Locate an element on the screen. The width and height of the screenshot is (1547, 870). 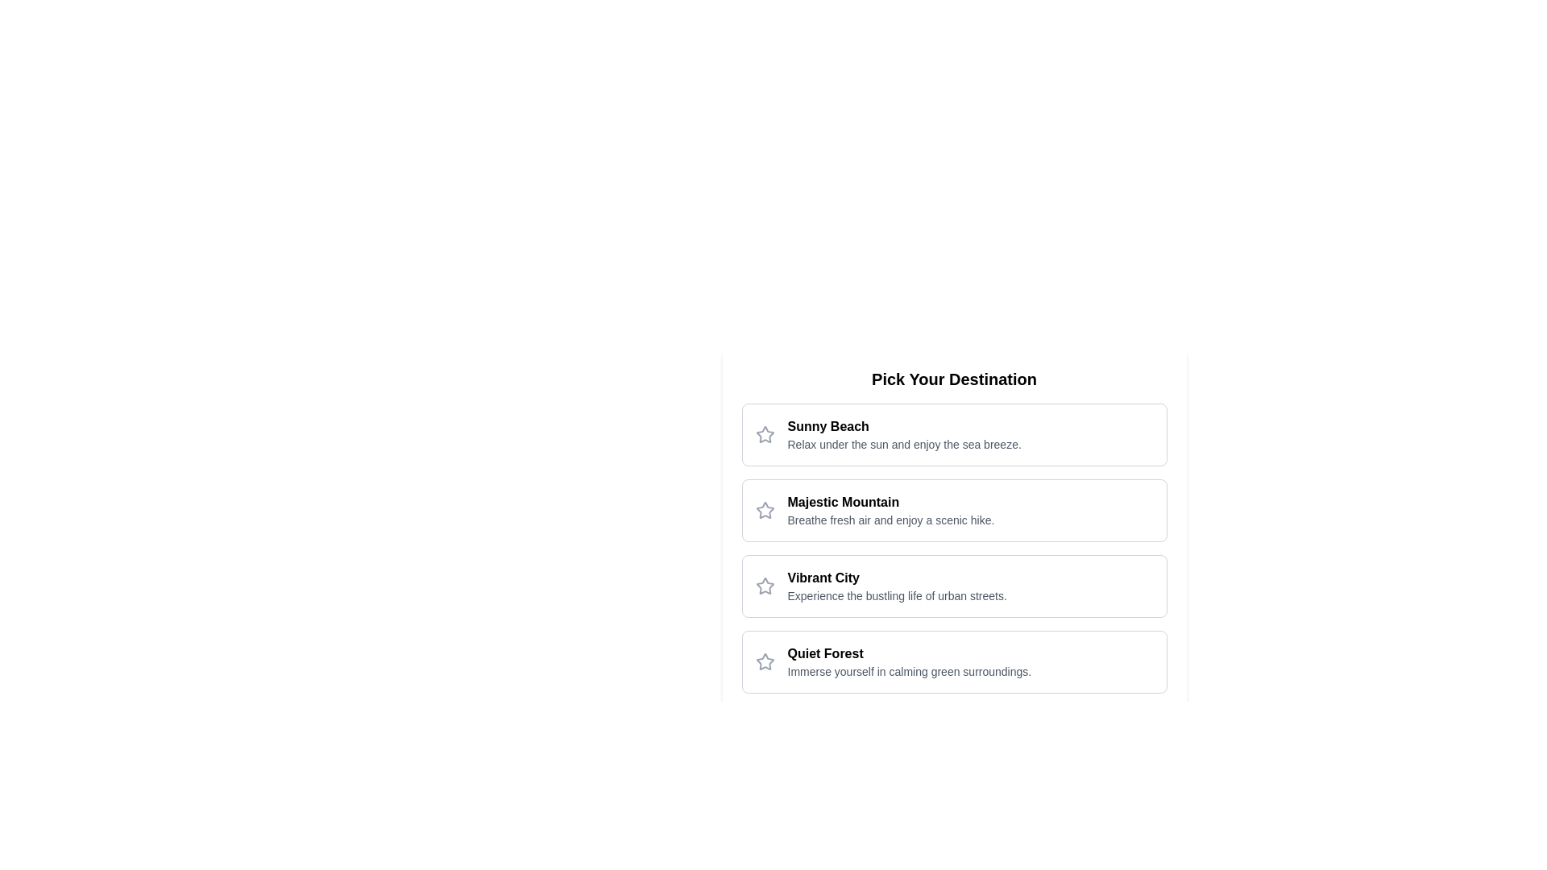
the 'Sunny Beach' selectable list item, which is the uppermost item in the list under the 'Pick Your Destination' header is located at coordinates (954, 435).